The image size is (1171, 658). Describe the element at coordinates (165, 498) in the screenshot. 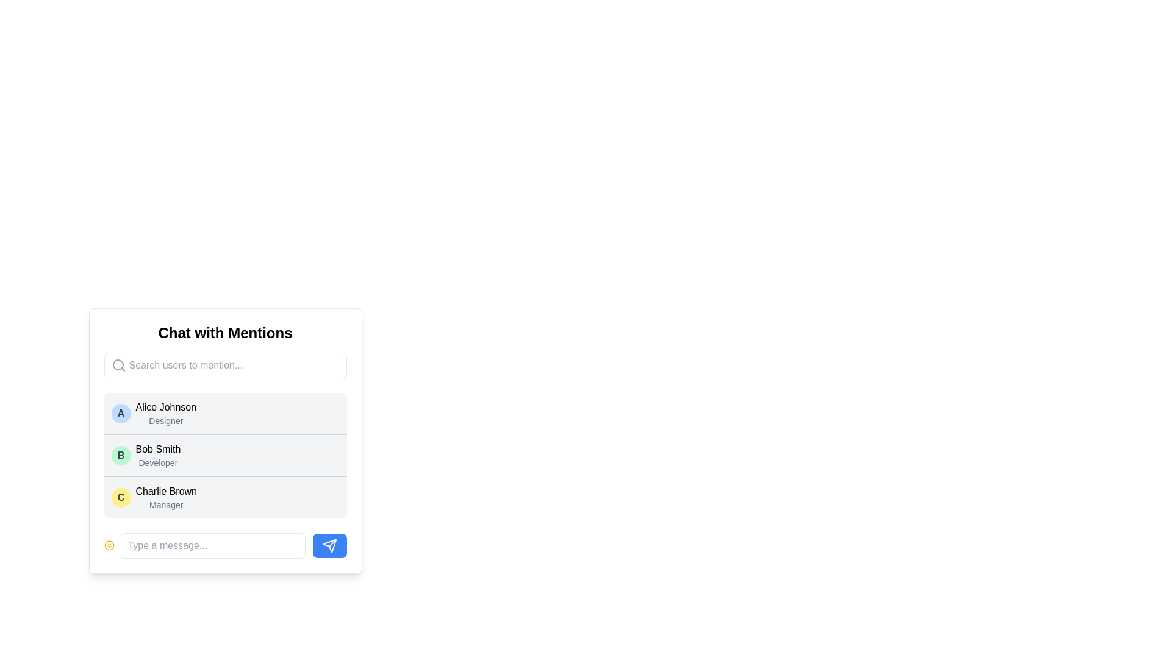

I see `the third user mention text component indicating the name and job title of a contact in the chat interface modal` at that location.